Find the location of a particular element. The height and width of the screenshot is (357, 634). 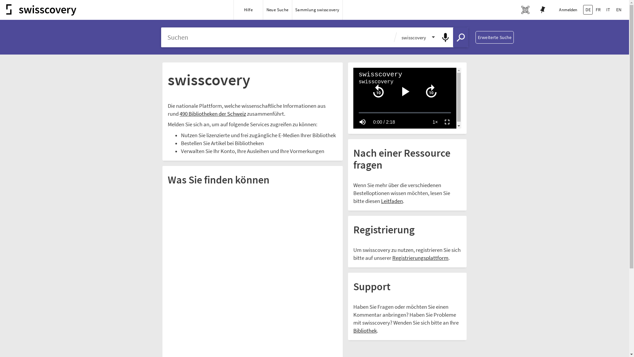

'IT' is located at coordinates (608, 10).